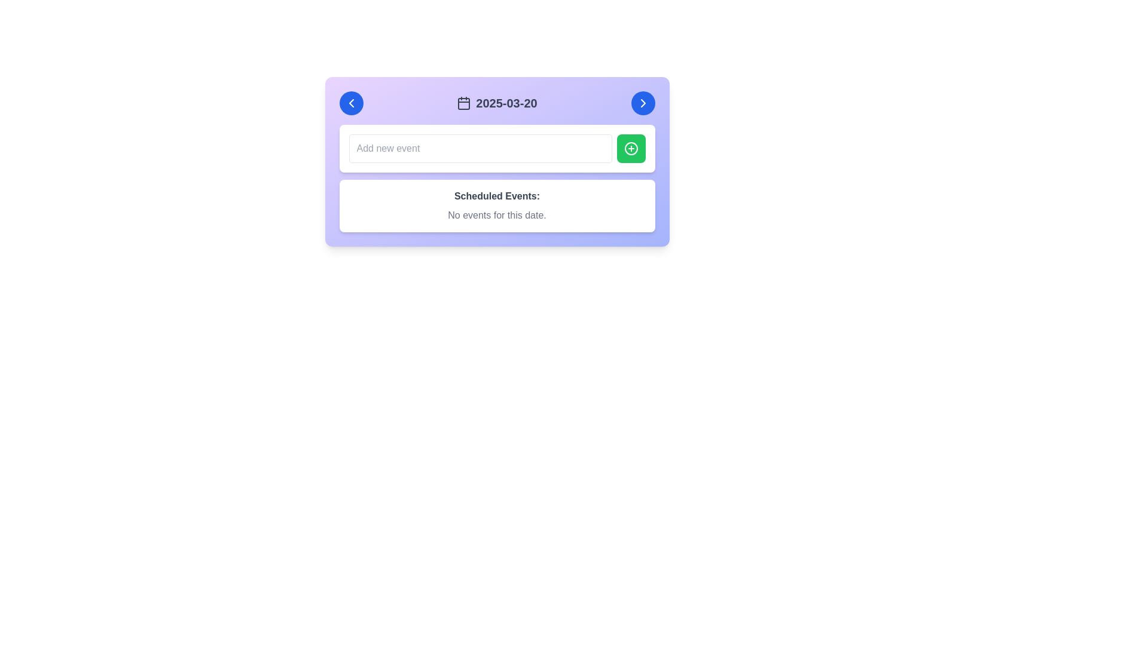  I want to click on the circular button containing the leftward-pointing chevron arrow icon for visual feedback, so click(350, 103).